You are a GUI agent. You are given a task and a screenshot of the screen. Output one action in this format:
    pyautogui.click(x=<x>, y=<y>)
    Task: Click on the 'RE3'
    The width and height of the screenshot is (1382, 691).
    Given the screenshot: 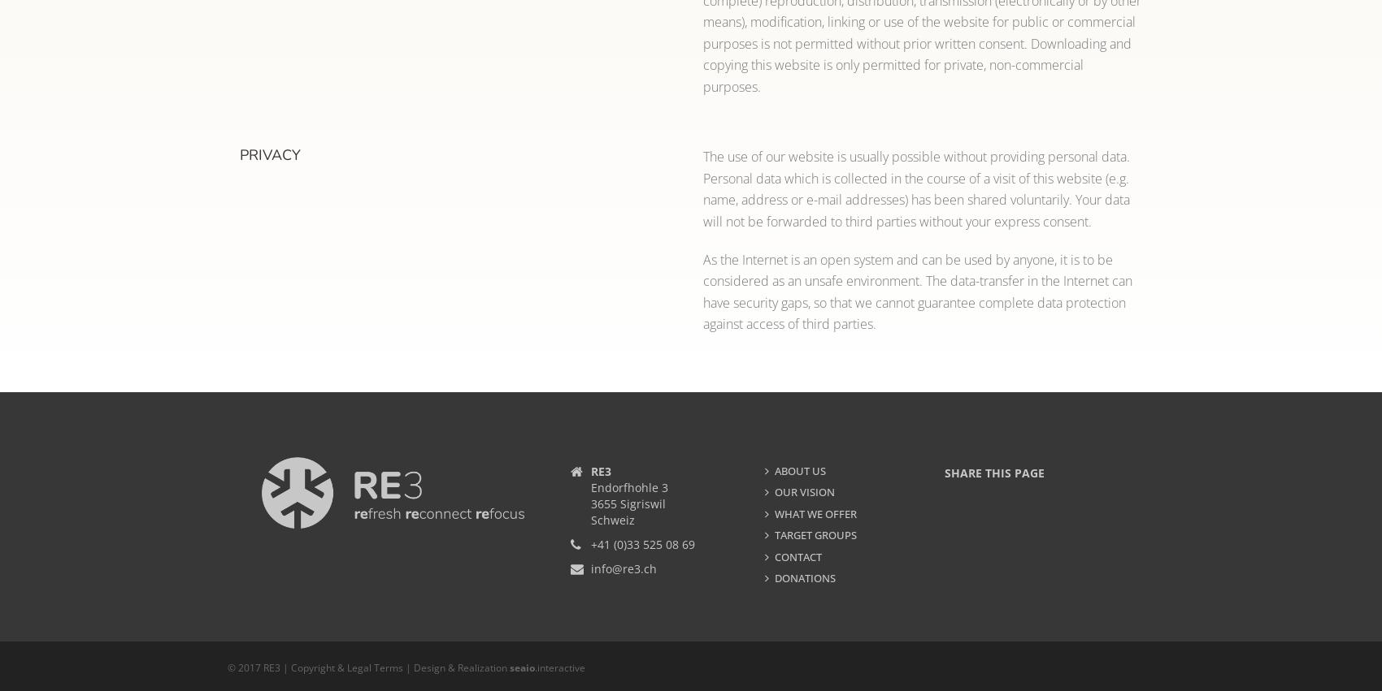 What is the action you would take?
    pyautogui.click(x=601, y=469)
    